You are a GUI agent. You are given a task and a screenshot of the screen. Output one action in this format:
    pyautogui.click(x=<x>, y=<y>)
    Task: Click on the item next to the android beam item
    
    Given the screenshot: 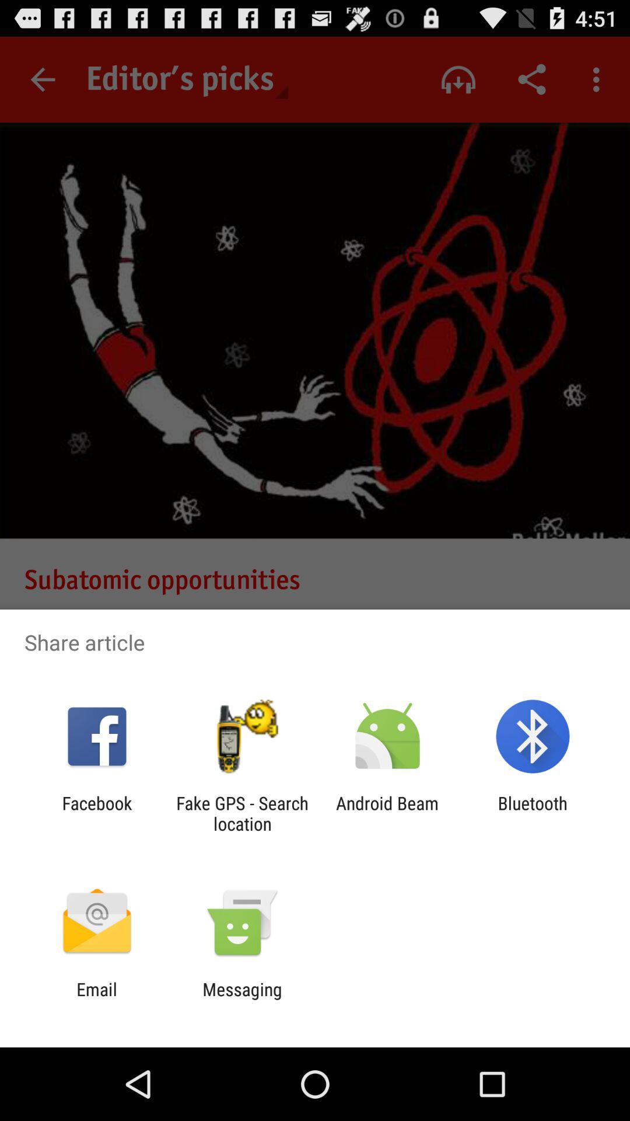 What is the action you would take?
    pyautogui.click(x=533, y=813)
    